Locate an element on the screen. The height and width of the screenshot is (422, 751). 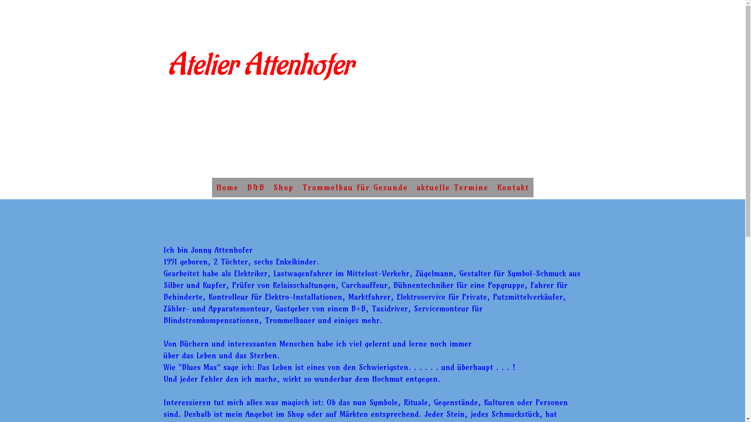
'Home' is located at coordinates (227, 187).